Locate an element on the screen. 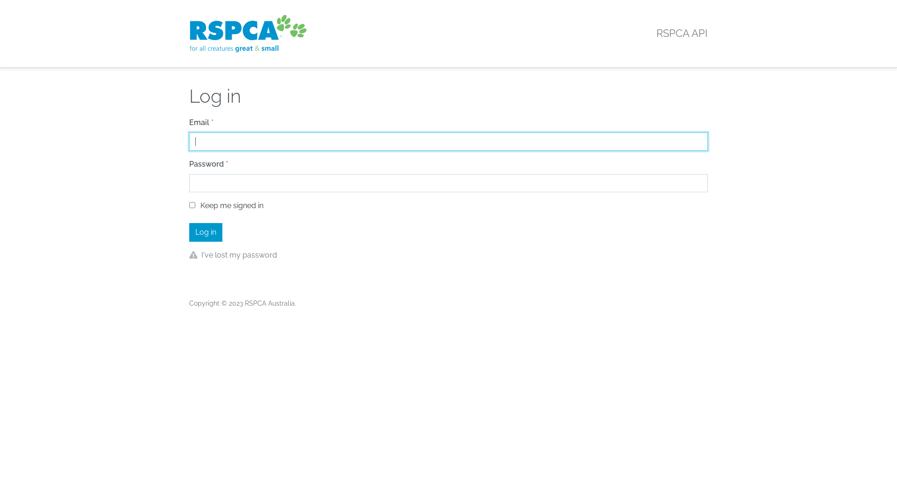 This screenshot has height=504, width=897. 'I've lost my password' is located at coordinates (201, 255).